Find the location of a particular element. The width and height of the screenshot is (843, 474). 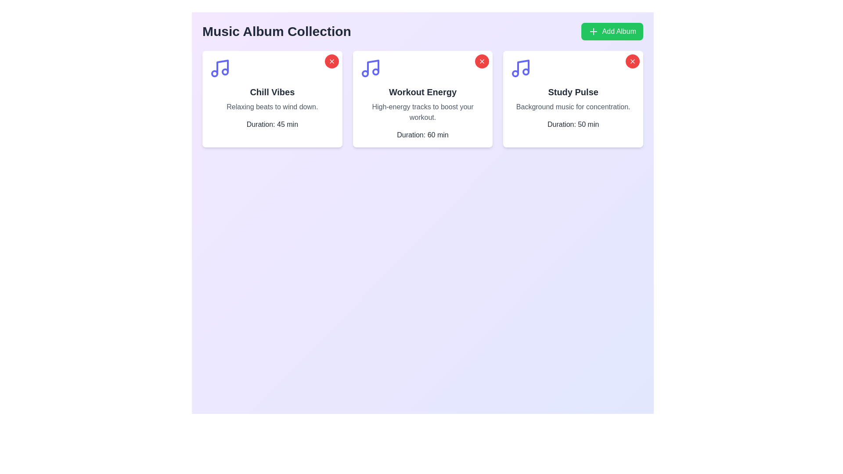

the vibrant indigo music note icon located at the top-left corner of the 'Workout Energy' card, which is prominently above the album title is located at coordinates (370, 68).